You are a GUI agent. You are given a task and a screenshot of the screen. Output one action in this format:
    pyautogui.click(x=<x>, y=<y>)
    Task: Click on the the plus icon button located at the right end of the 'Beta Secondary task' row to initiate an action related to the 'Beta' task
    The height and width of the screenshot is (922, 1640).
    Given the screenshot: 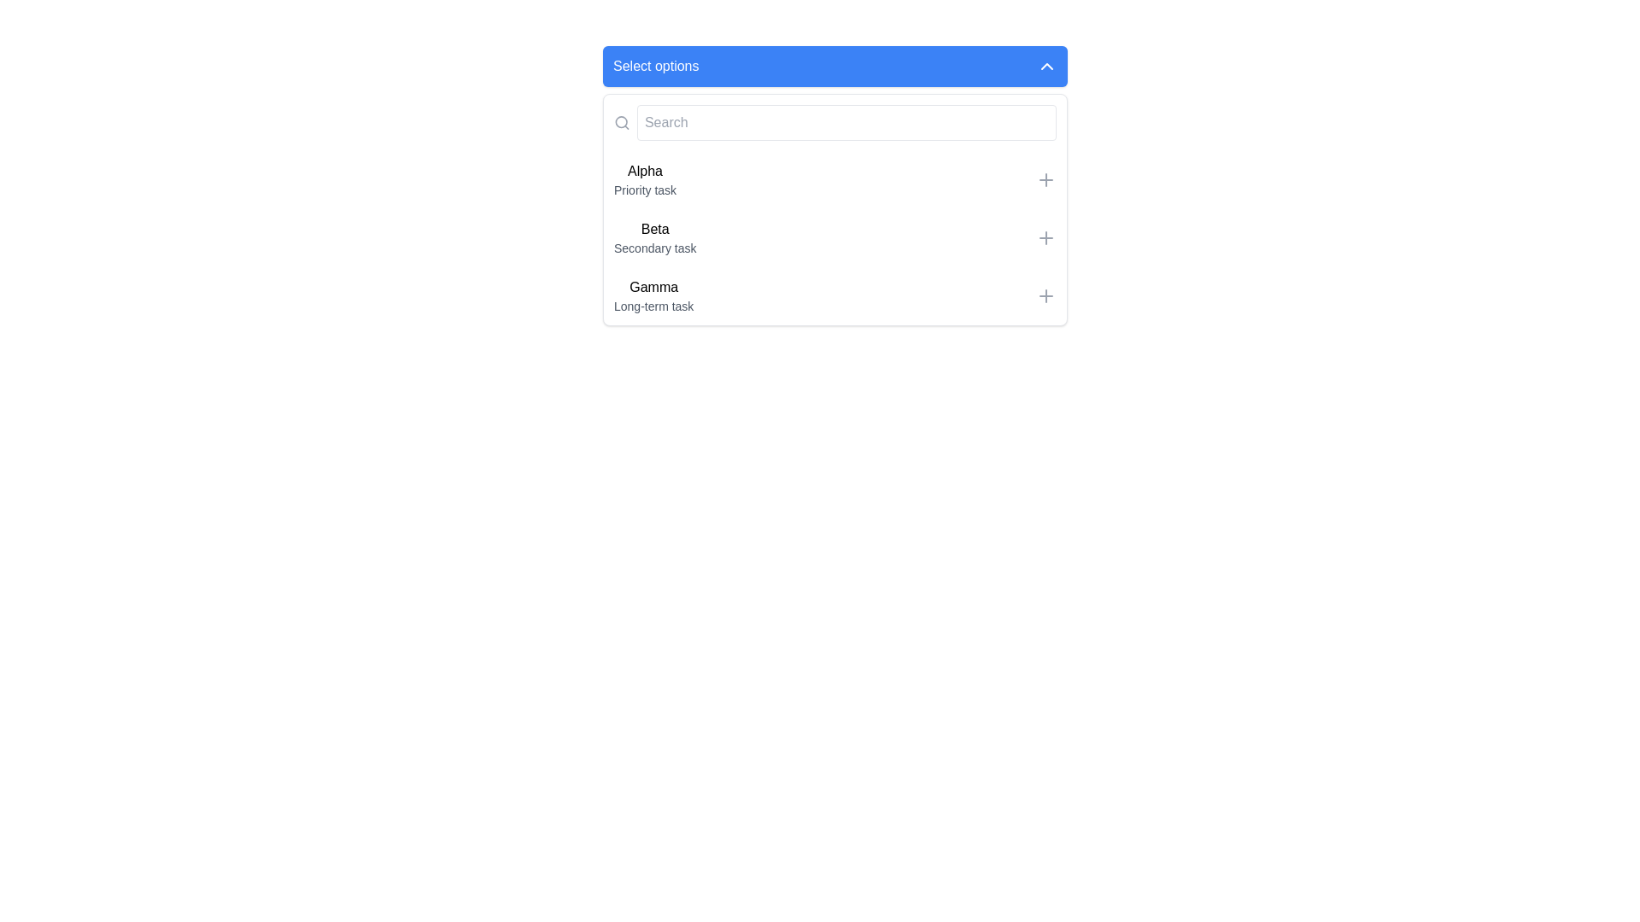 What is the action you would take?
    pyautogui.click(x=1045, y=237)
    